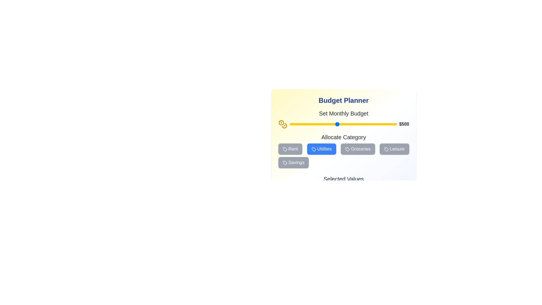  Describe the element at coordinates (376, 124) in the screenshot. I see `the slider` at that location.